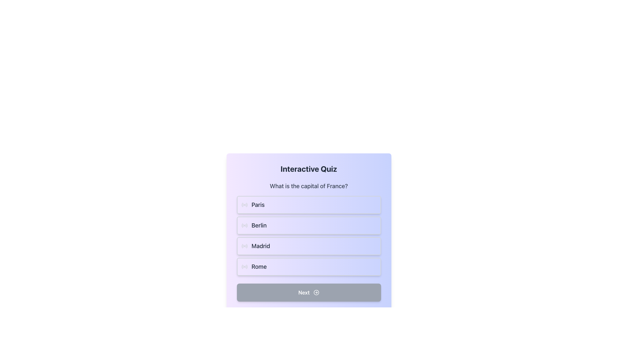 The width and height of the screenshot is (618, 348). I want to click on the radio button, so click(244, 205).